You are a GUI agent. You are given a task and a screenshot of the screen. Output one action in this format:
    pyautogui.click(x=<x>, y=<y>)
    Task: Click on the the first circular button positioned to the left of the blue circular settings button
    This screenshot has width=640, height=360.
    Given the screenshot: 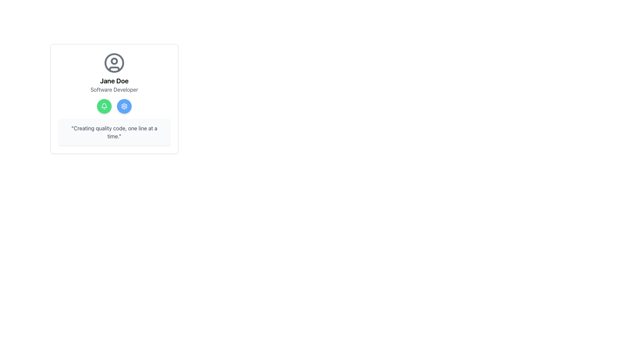 What is the action you would take?
    pyautogui.click(x=104, y=106)
    